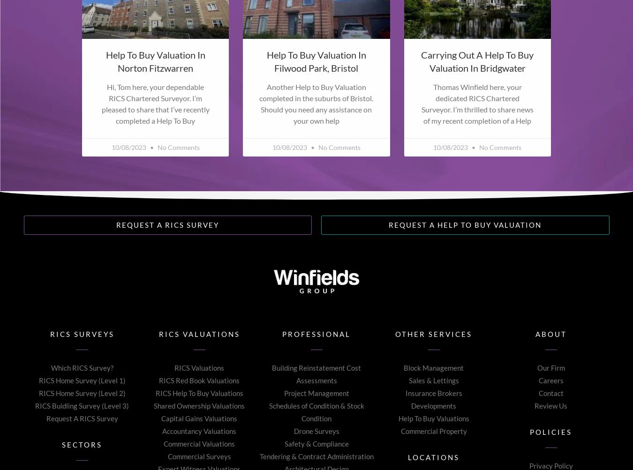 The height and width of the screenshot is (470, 633). I want to click on 'RICS Home Survey (Level 2)', so click(82, 393).